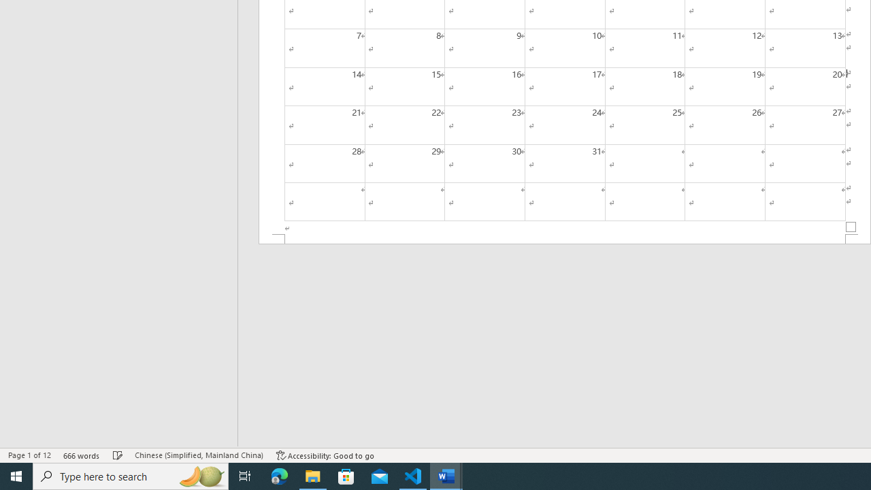 This screenshot has width=871, height=490. What do you see at coordinates (565, 238) in the screenshot?
I see `'Footer -Section 1-'` at bounding box center [565, 238].